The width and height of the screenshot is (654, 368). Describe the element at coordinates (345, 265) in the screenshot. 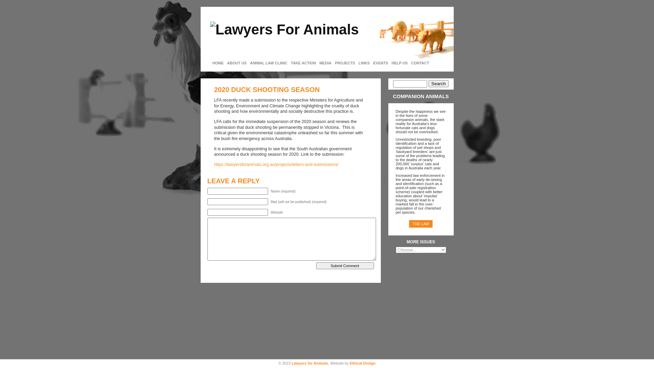

I see `'Submit Comment'` at that location.